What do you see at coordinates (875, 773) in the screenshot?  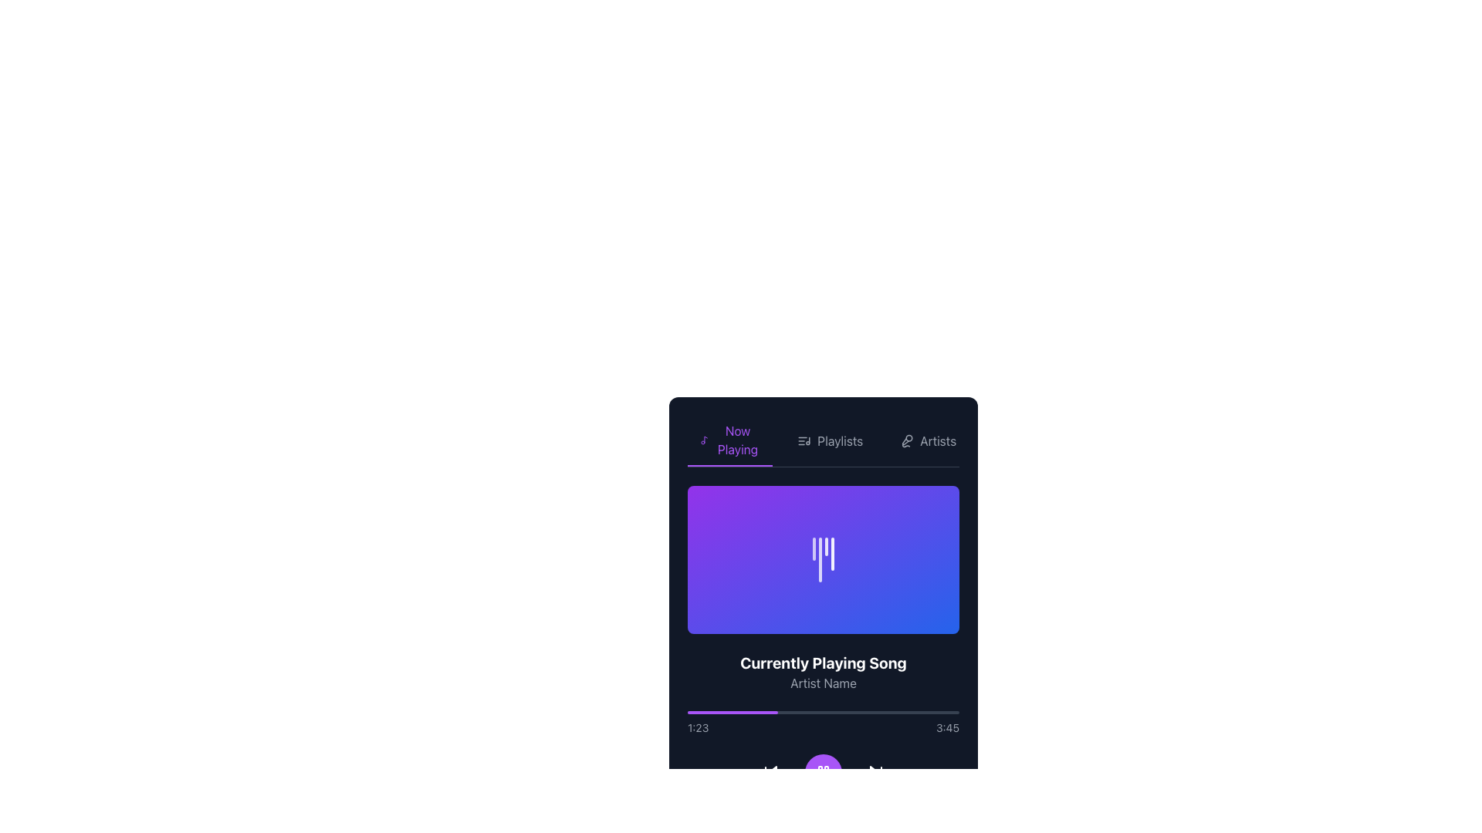 I see `the forward skip button located at the bottom right of the media playback controls` at bounding box center [875, 773].